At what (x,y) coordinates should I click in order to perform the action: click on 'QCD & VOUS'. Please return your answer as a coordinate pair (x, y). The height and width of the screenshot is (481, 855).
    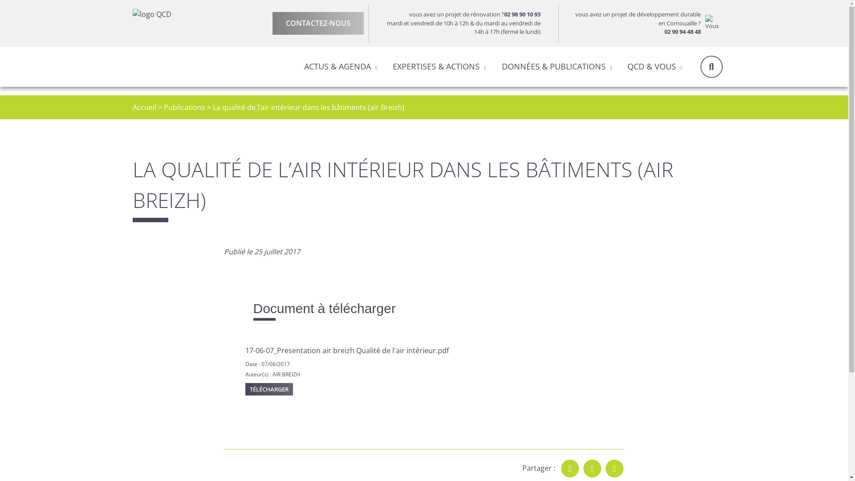
    Looking at the image, I should click on (651, 66).